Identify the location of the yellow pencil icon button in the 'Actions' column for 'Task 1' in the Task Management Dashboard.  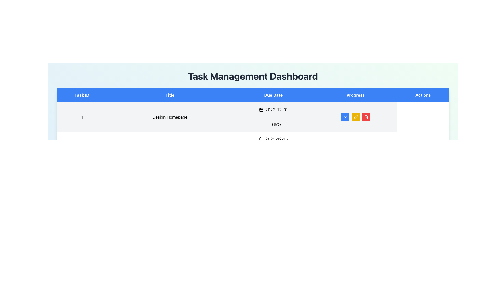
(356, 117).